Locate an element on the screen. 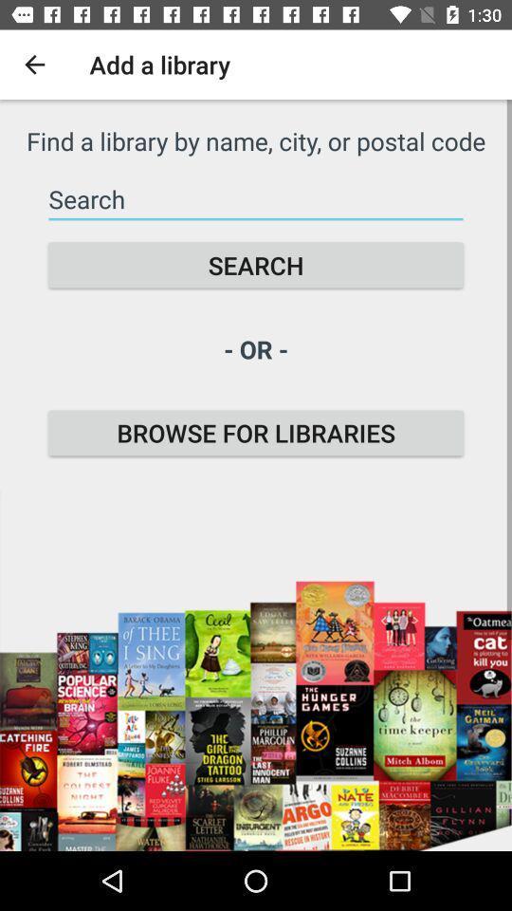 The image size is (512, 911). the icon above the search icon is located at coordinates (256, 199).